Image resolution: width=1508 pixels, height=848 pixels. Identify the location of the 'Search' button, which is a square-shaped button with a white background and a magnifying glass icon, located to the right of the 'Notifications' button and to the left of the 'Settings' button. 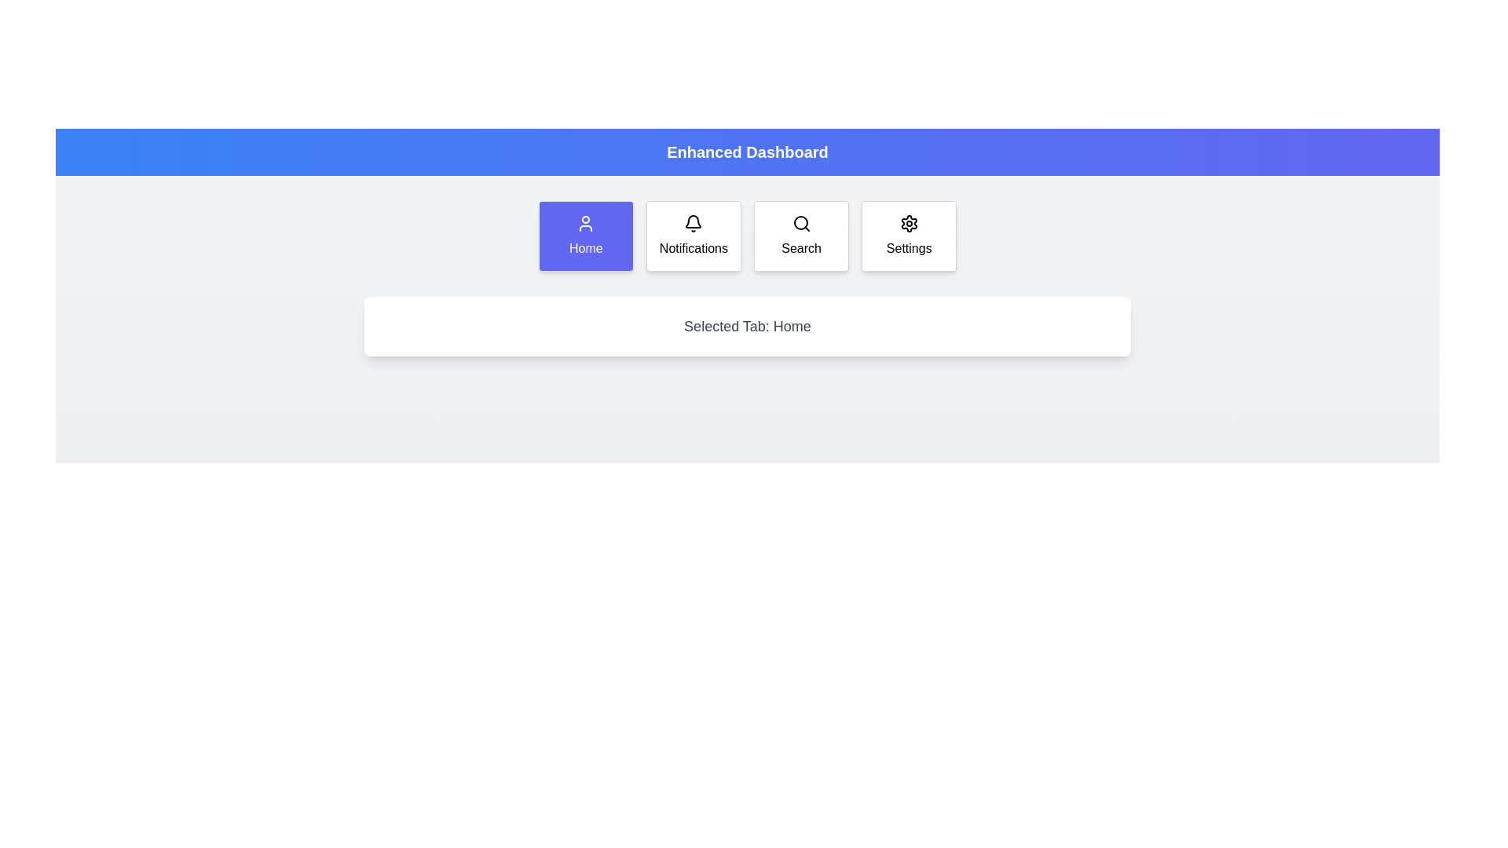
(801, 236).